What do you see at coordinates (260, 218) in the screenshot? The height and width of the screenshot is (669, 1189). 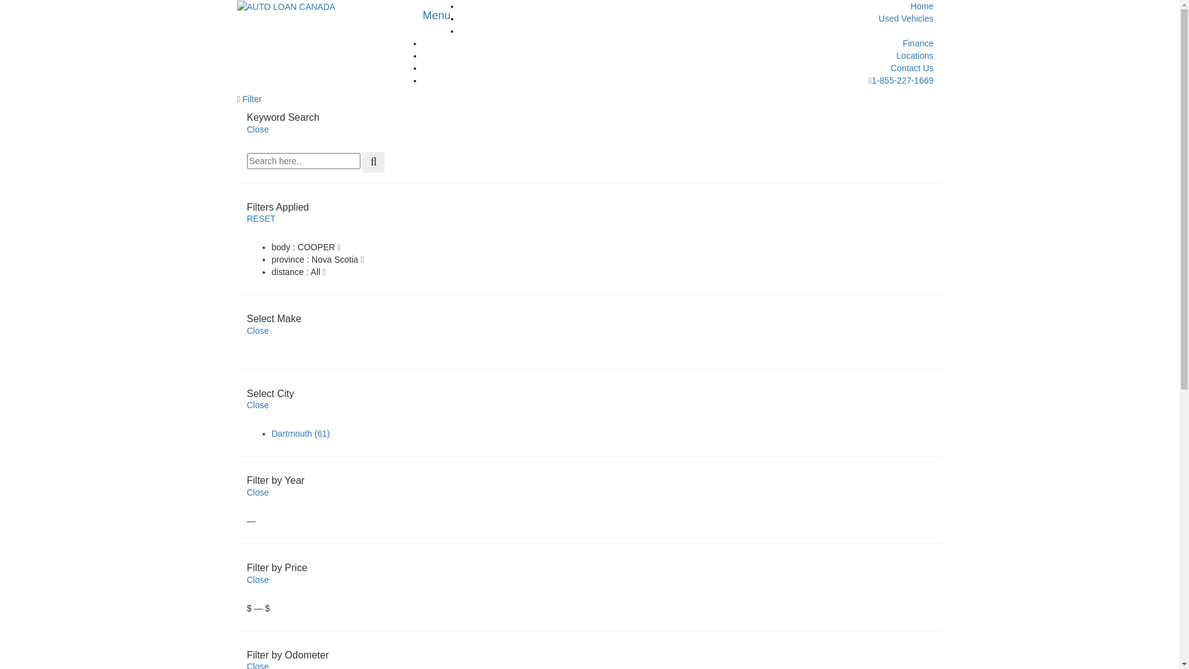 I see `'RESET'` at bounding box center [260, 218].